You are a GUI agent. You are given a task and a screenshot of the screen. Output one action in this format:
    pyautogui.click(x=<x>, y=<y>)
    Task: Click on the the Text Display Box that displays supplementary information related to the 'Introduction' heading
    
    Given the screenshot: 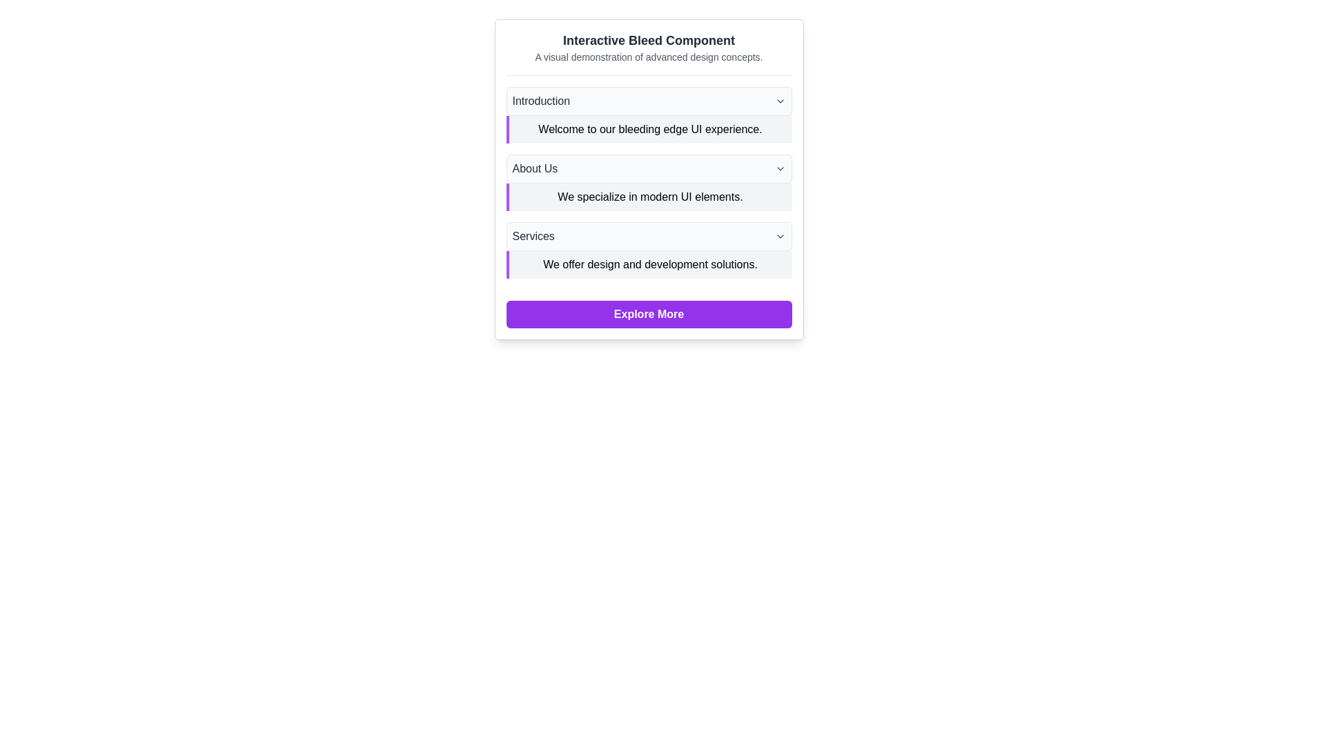 What is the action you would take?
    pyautogui.click(x=648, y=130)
    